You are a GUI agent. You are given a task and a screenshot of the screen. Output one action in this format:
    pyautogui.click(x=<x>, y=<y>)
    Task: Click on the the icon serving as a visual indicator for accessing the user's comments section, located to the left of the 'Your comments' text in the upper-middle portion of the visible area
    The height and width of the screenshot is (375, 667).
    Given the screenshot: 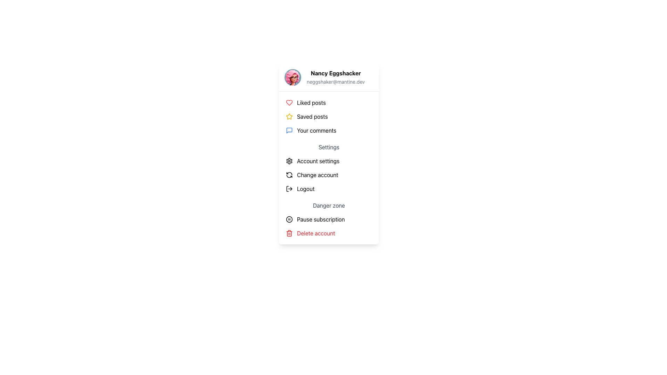 What is the action you would take?
    pyautogui.click(x=289, y=130)
    